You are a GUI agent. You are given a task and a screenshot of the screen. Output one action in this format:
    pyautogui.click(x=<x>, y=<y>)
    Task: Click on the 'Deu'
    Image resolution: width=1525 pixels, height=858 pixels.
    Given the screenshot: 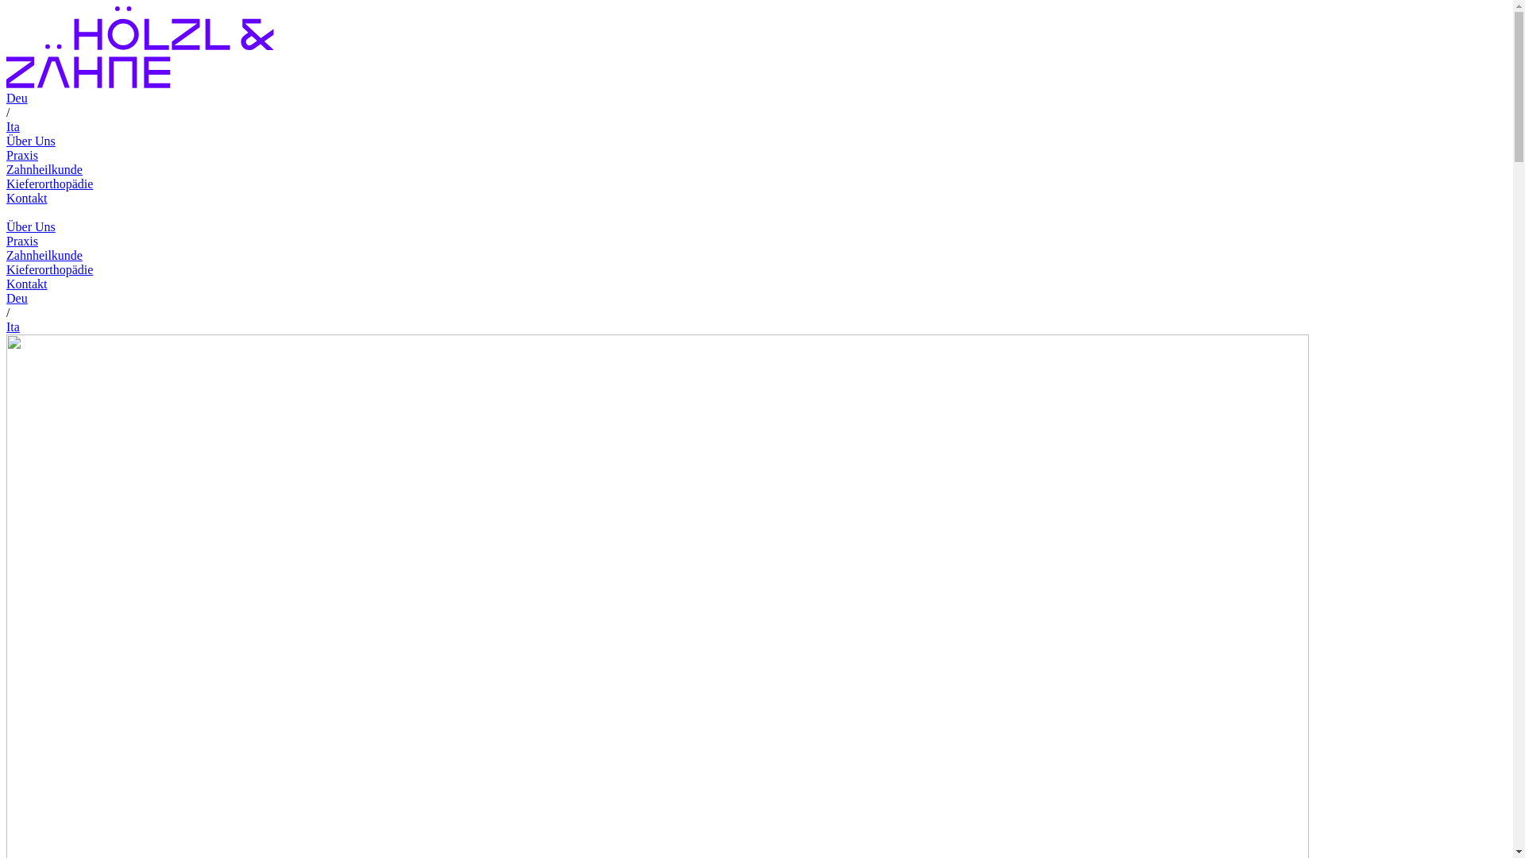 What is the action you would take?
    pyautogui.click(x=17, y=298)
    